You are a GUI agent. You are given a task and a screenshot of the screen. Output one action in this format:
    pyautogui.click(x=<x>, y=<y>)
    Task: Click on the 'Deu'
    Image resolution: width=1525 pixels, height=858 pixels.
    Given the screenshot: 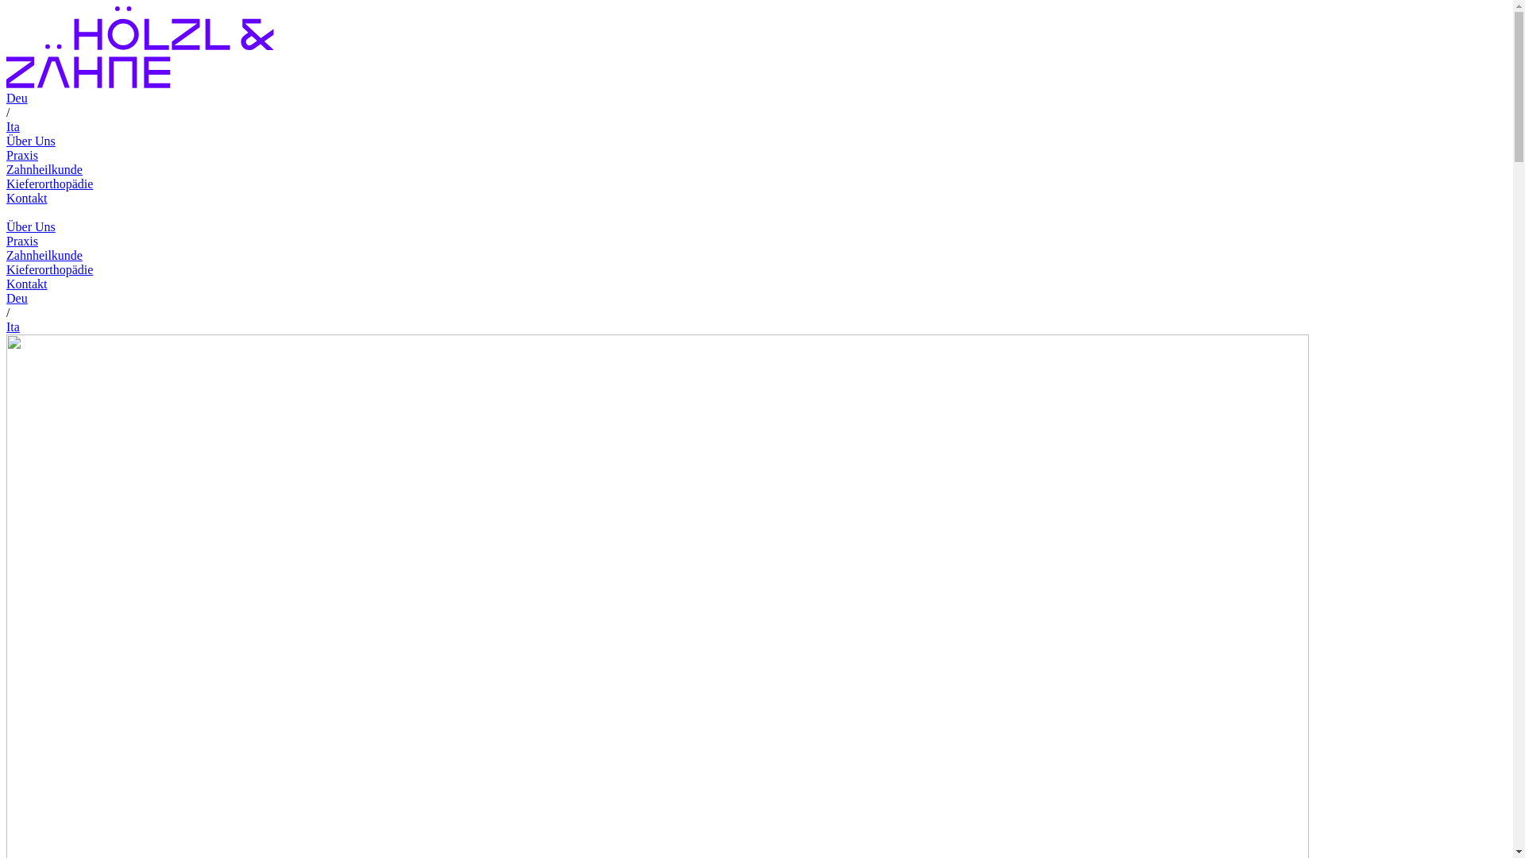 What is the action you would take?
    pyautogui.click(x=17, y=298)
    